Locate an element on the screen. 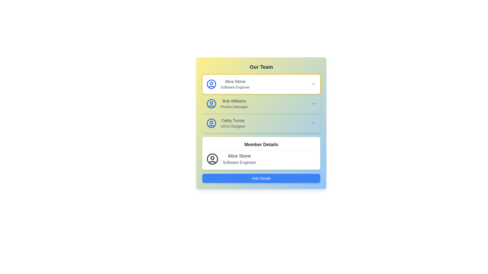 This screenshot has width=488, height=274. the downward-facing chevron icon, which is colored in subtle gray and located to the right of 'Cathy Turner, UI/UX Designer' is located at coordinates (313, 123).